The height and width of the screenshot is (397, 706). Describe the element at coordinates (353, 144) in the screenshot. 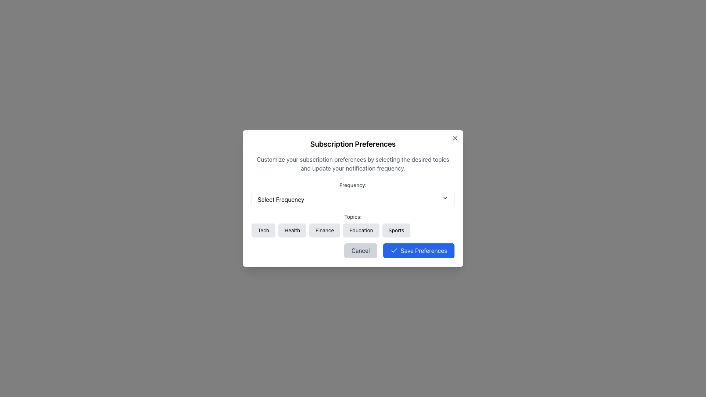

I see `the static text element that serves as the title of the modal window, located at the center of the modal below the close button` at that location.